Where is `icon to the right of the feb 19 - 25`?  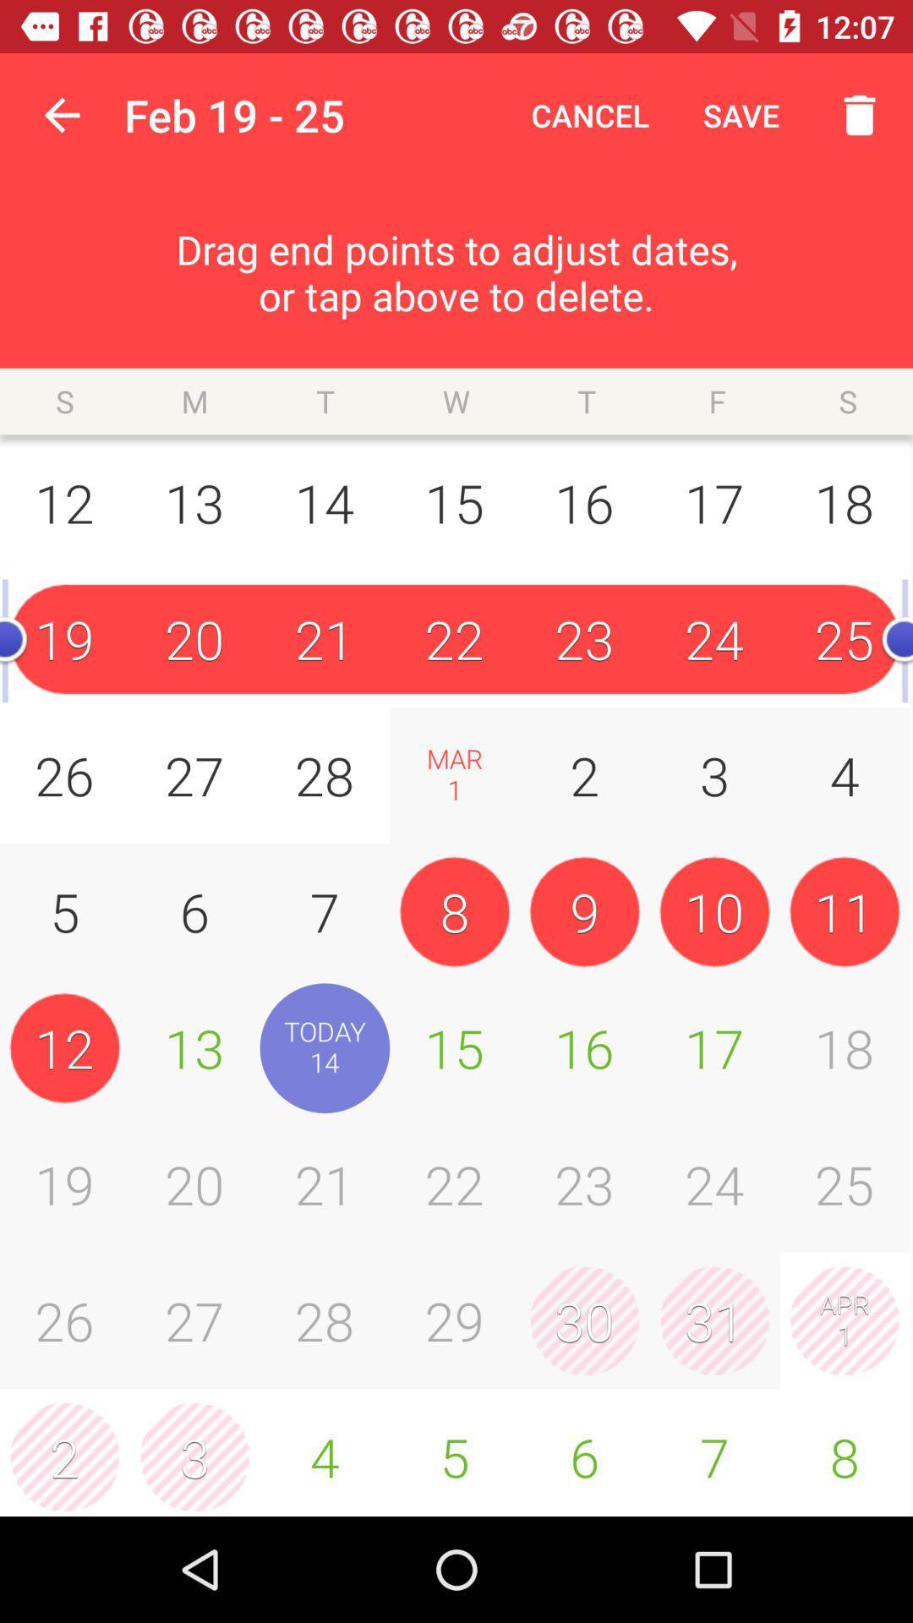 icon to the right of the feb 19 - 25 is located at coordinates (589, 114).